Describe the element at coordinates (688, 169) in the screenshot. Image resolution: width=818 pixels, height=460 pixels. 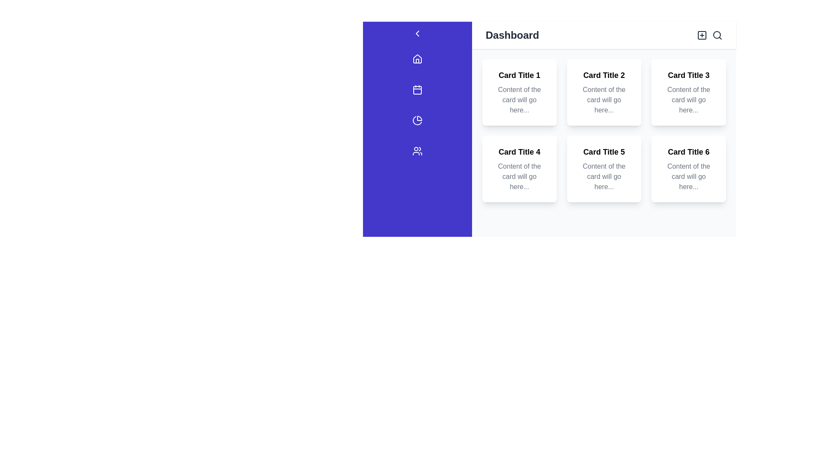
I see `the content card located at the bottom-right corner of the 3-column grid layout, specifically the sixth card in the sequence with no direct interaction functionality` at that location.